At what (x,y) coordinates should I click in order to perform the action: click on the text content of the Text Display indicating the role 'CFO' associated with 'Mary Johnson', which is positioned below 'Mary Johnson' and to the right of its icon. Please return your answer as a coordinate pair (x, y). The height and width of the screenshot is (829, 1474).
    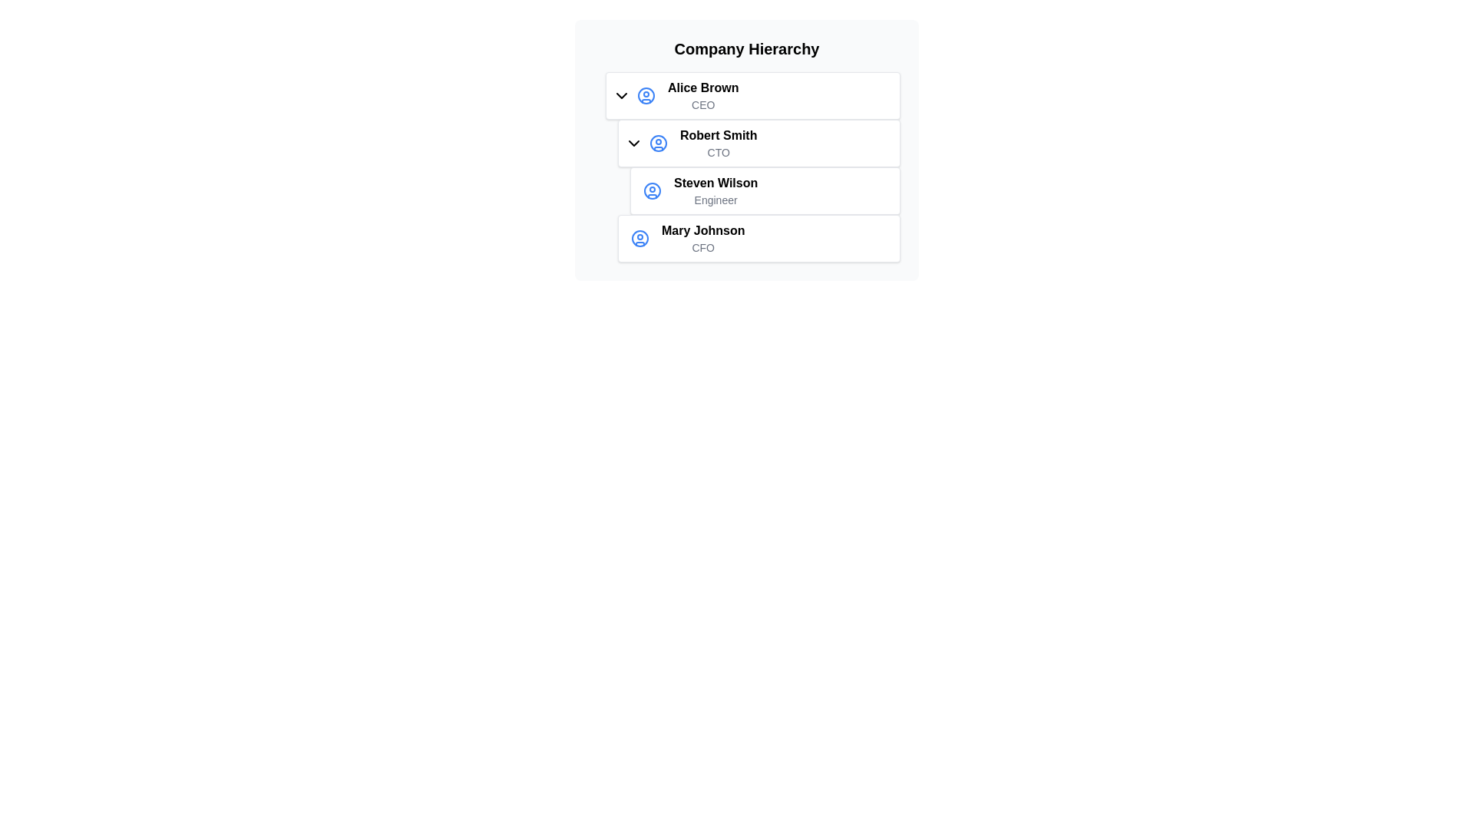
    Looking at the image, I should click on (702, 247).